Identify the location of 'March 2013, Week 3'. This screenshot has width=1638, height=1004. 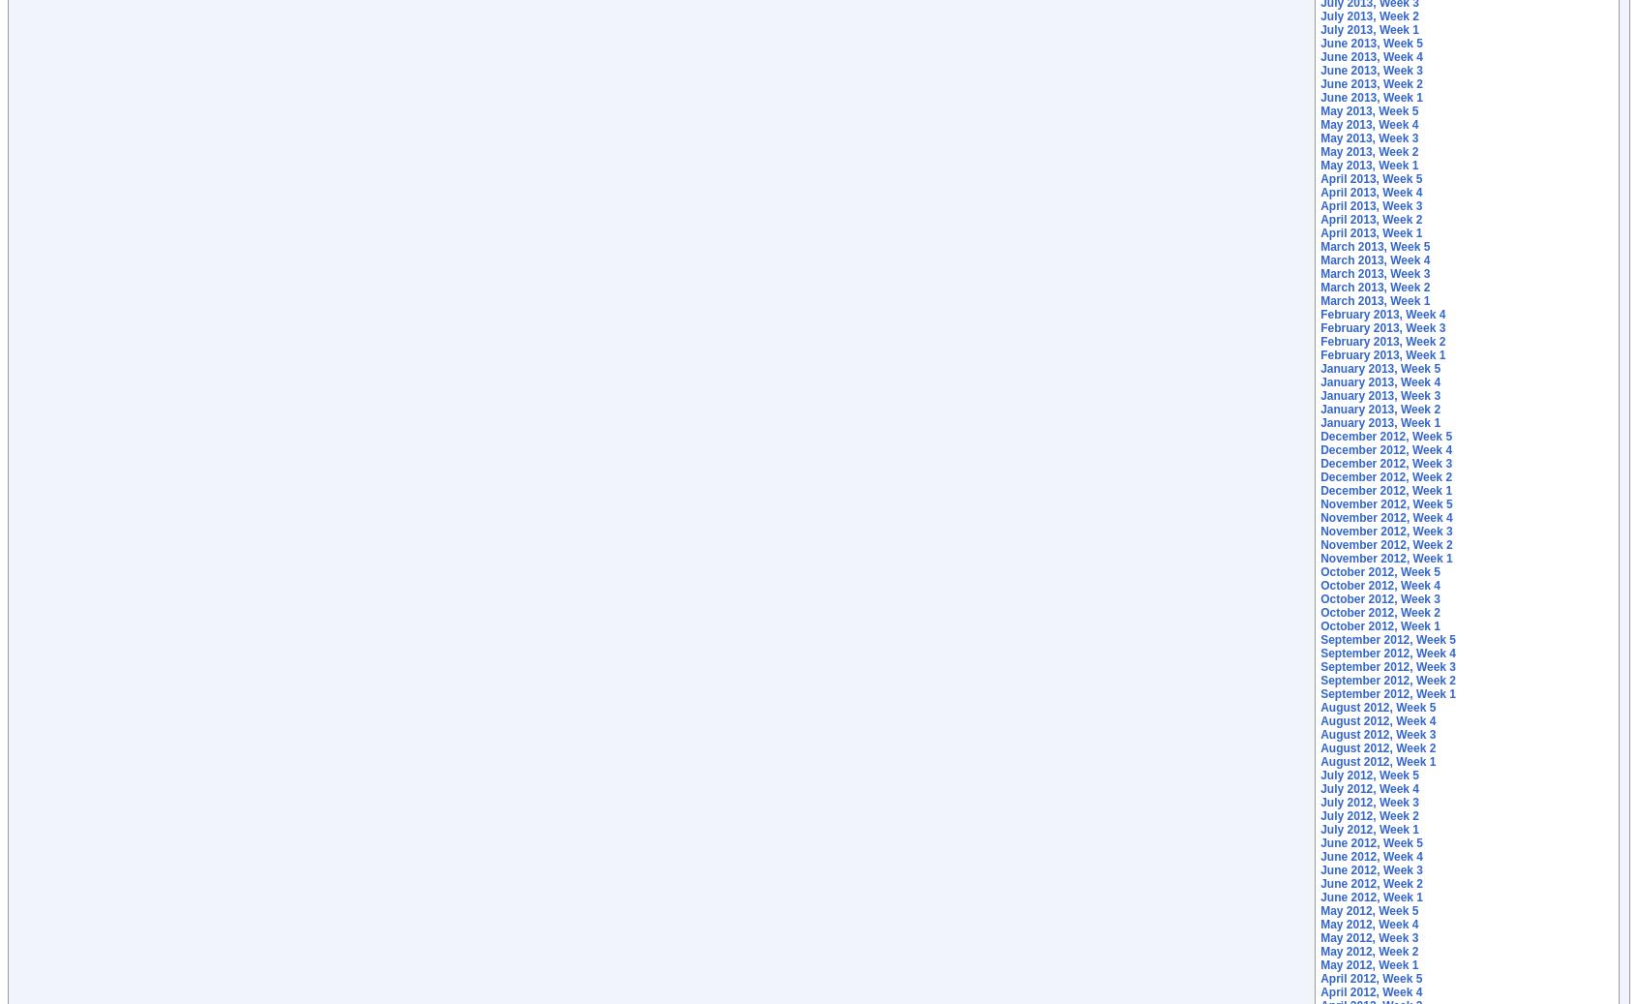
(1374, 272).